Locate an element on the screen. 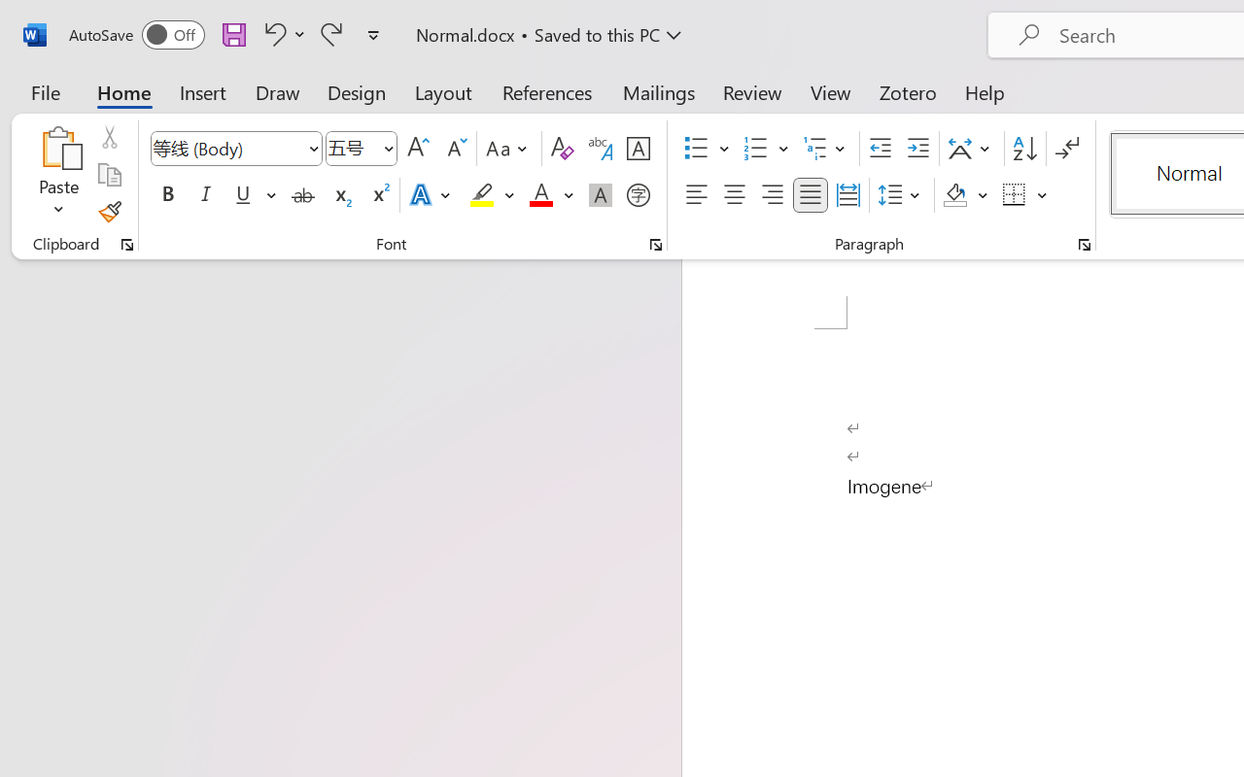 Image resolution: width=1244 pixels, height=777 pixels. 'Increase Indent' is located at coordinates (916, 149).